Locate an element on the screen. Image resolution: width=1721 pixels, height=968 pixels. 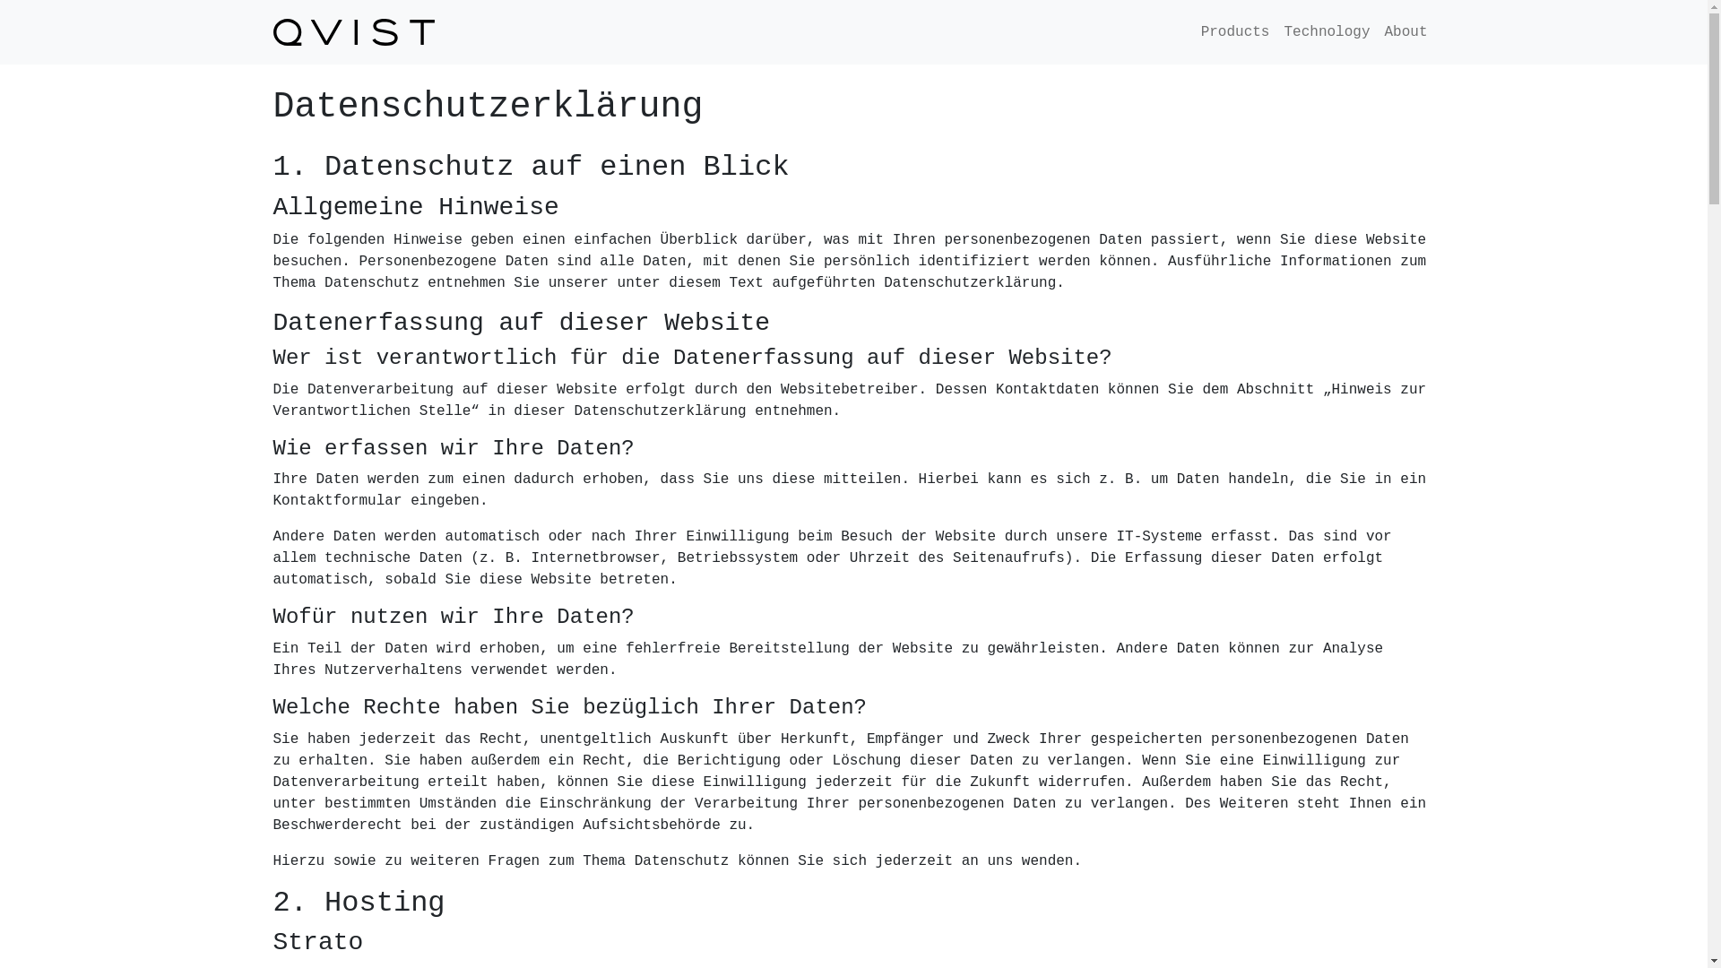
'Technology' is located at coordinates (1326, 31).